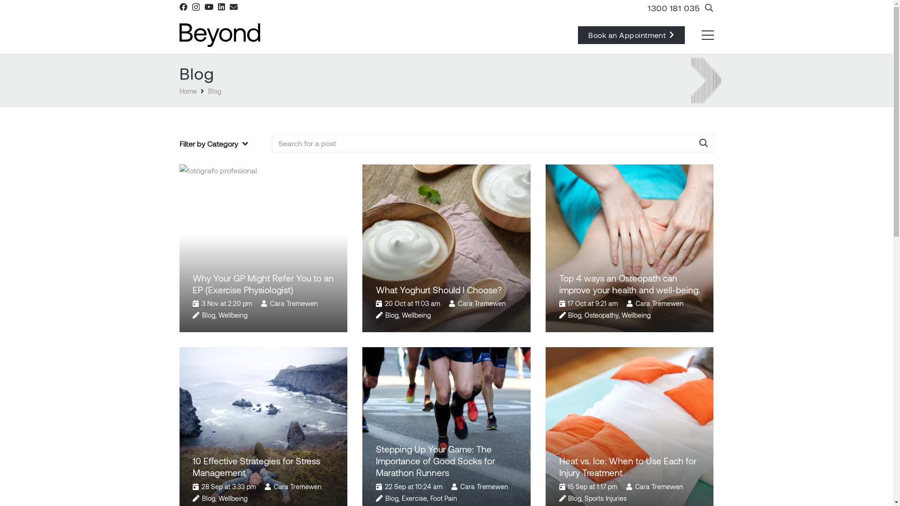 Image resolution: width=900 pixels, height=506 pixels. Describe the element at coordinates (233, 315) in the screenshot. I see `'Wellbeing'` at that location.